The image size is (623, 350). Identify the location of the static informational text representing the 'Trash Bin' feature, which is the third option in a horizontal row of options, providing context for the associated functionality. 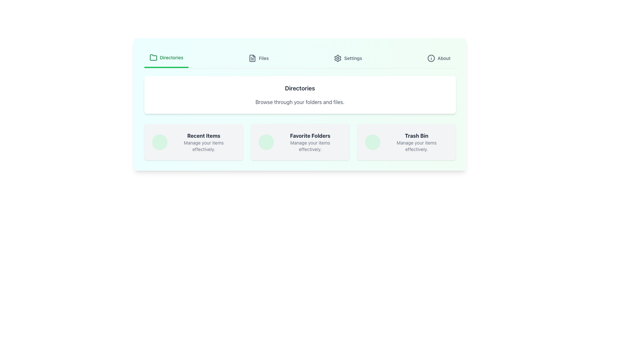
(417, 142).